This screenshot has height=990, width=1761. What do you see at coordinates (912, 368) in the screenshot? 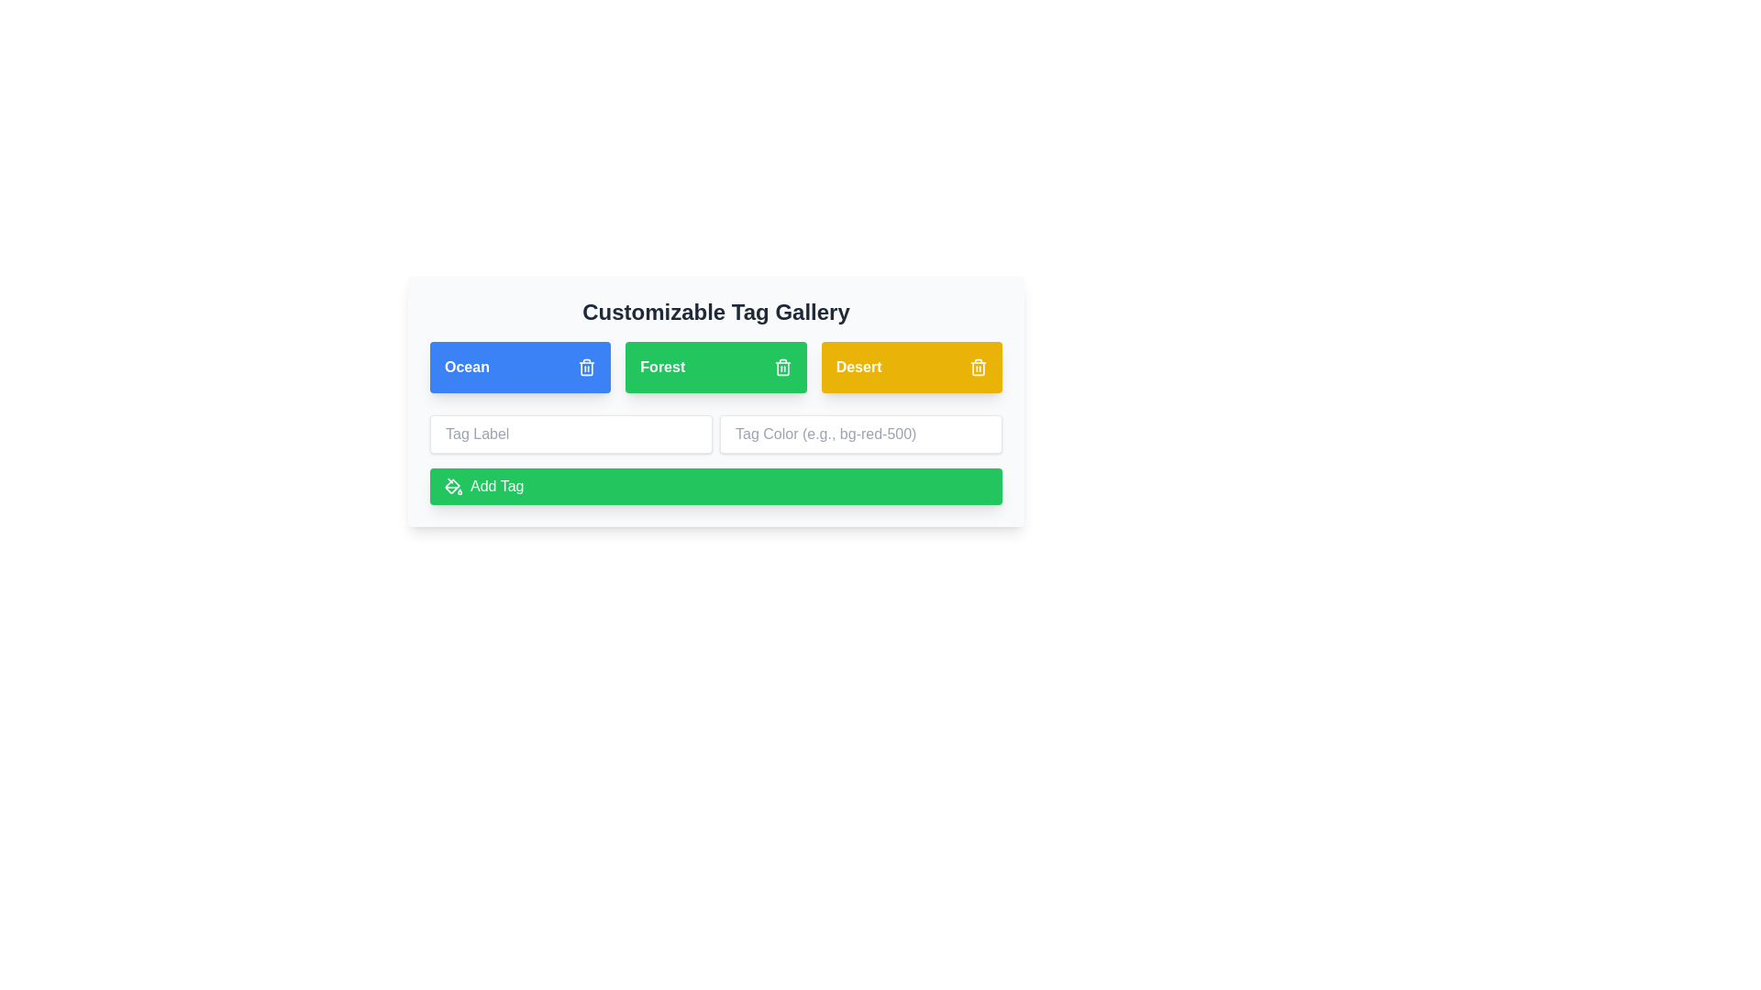
I see `the chip labeled Desert to select or highlight it` at bounding box center [912, 368].